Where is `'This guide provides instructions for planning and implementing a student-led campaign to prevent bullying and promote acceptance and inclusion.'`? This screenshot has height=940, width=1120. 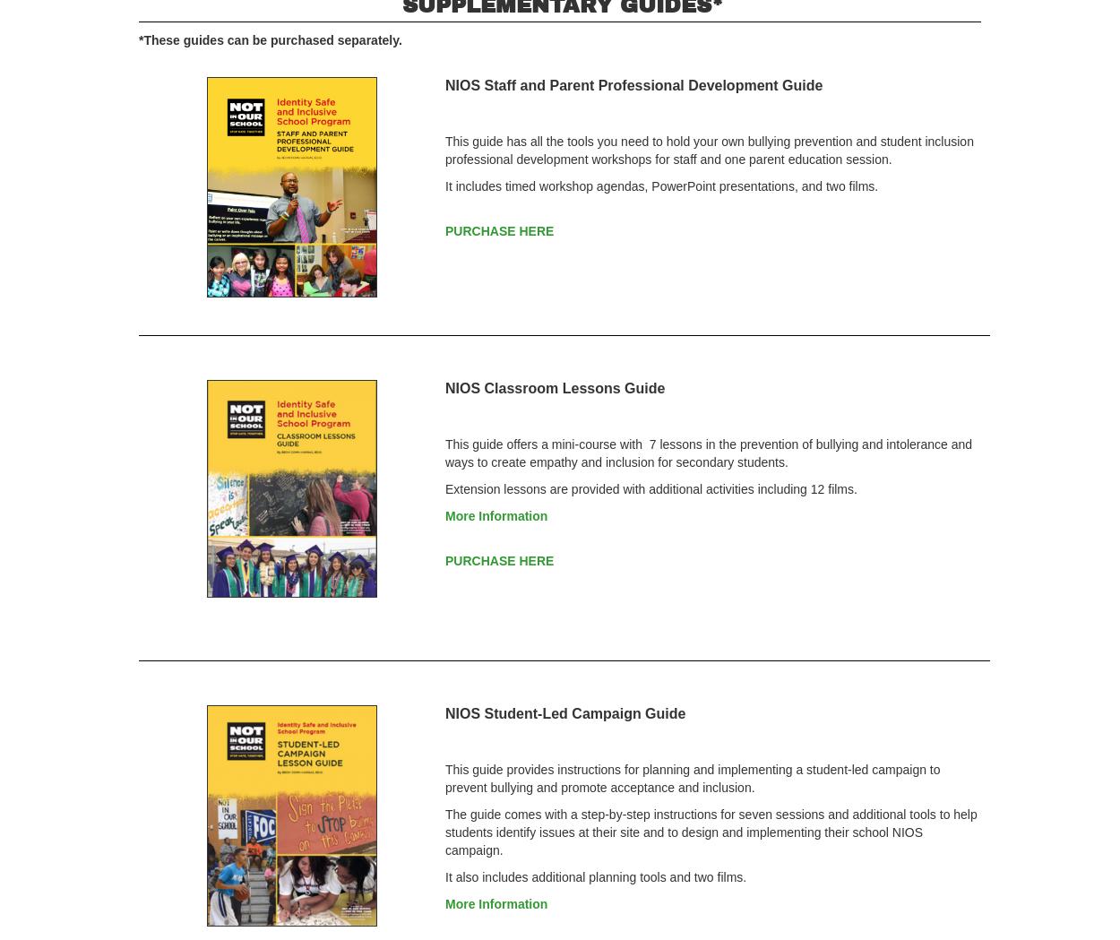 'This guide provides instructions for planning and implementing a student-led campaign to prevent bullying and promote acceptance and inclusion.' is located at coordinates (692, 778).